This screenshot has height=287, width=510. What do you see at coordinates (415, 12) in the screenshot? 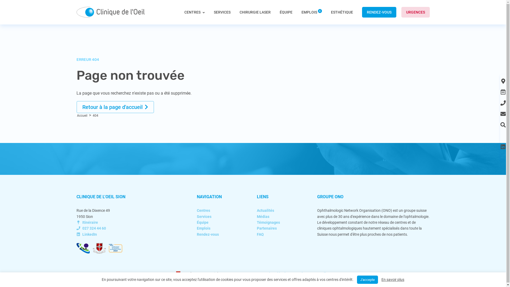
I see `'URGENCES'` at bounding box center [415, 12].